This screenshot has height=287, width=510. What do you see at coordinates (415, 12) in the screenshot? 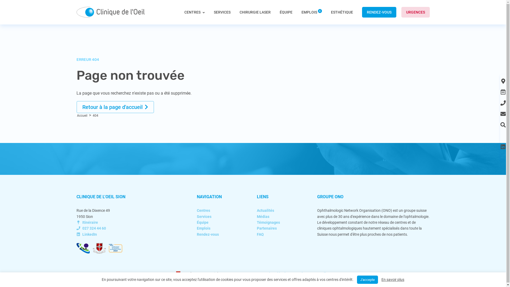
I see `'URGENCES'` at bounding box center [415, 12].